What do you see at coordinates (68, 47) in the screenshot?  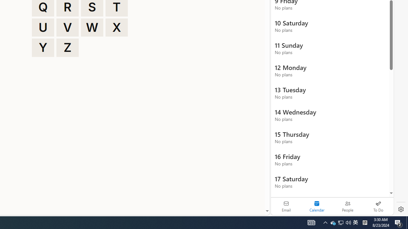 I see `'Z'` at bounding box center [68, 47].